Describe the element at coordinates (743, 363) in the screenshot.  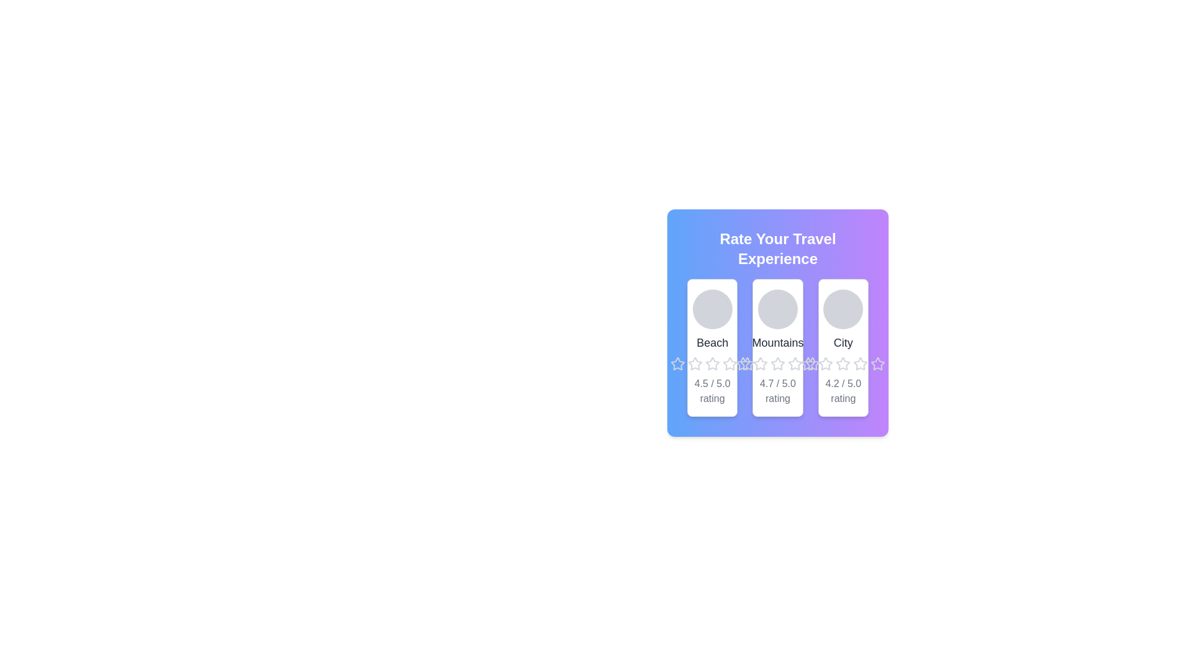
I see `the second star in the interactive rating star icon array below the 'Mountains' card` at that location.